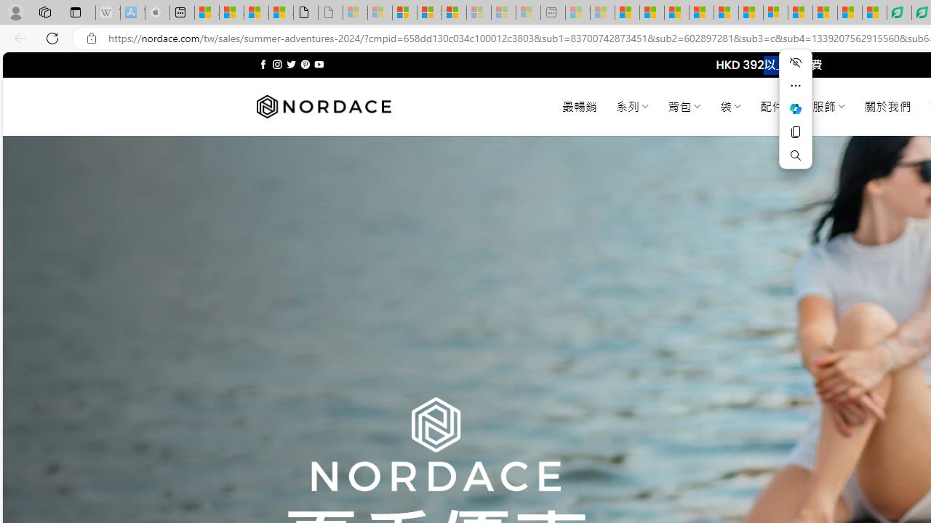 Image resolution: width=931 pixels, height=523 pixels. Describe the element at coordinates (263, 64) in the screenshot. I see `'Follow on Facebook'` at that location.